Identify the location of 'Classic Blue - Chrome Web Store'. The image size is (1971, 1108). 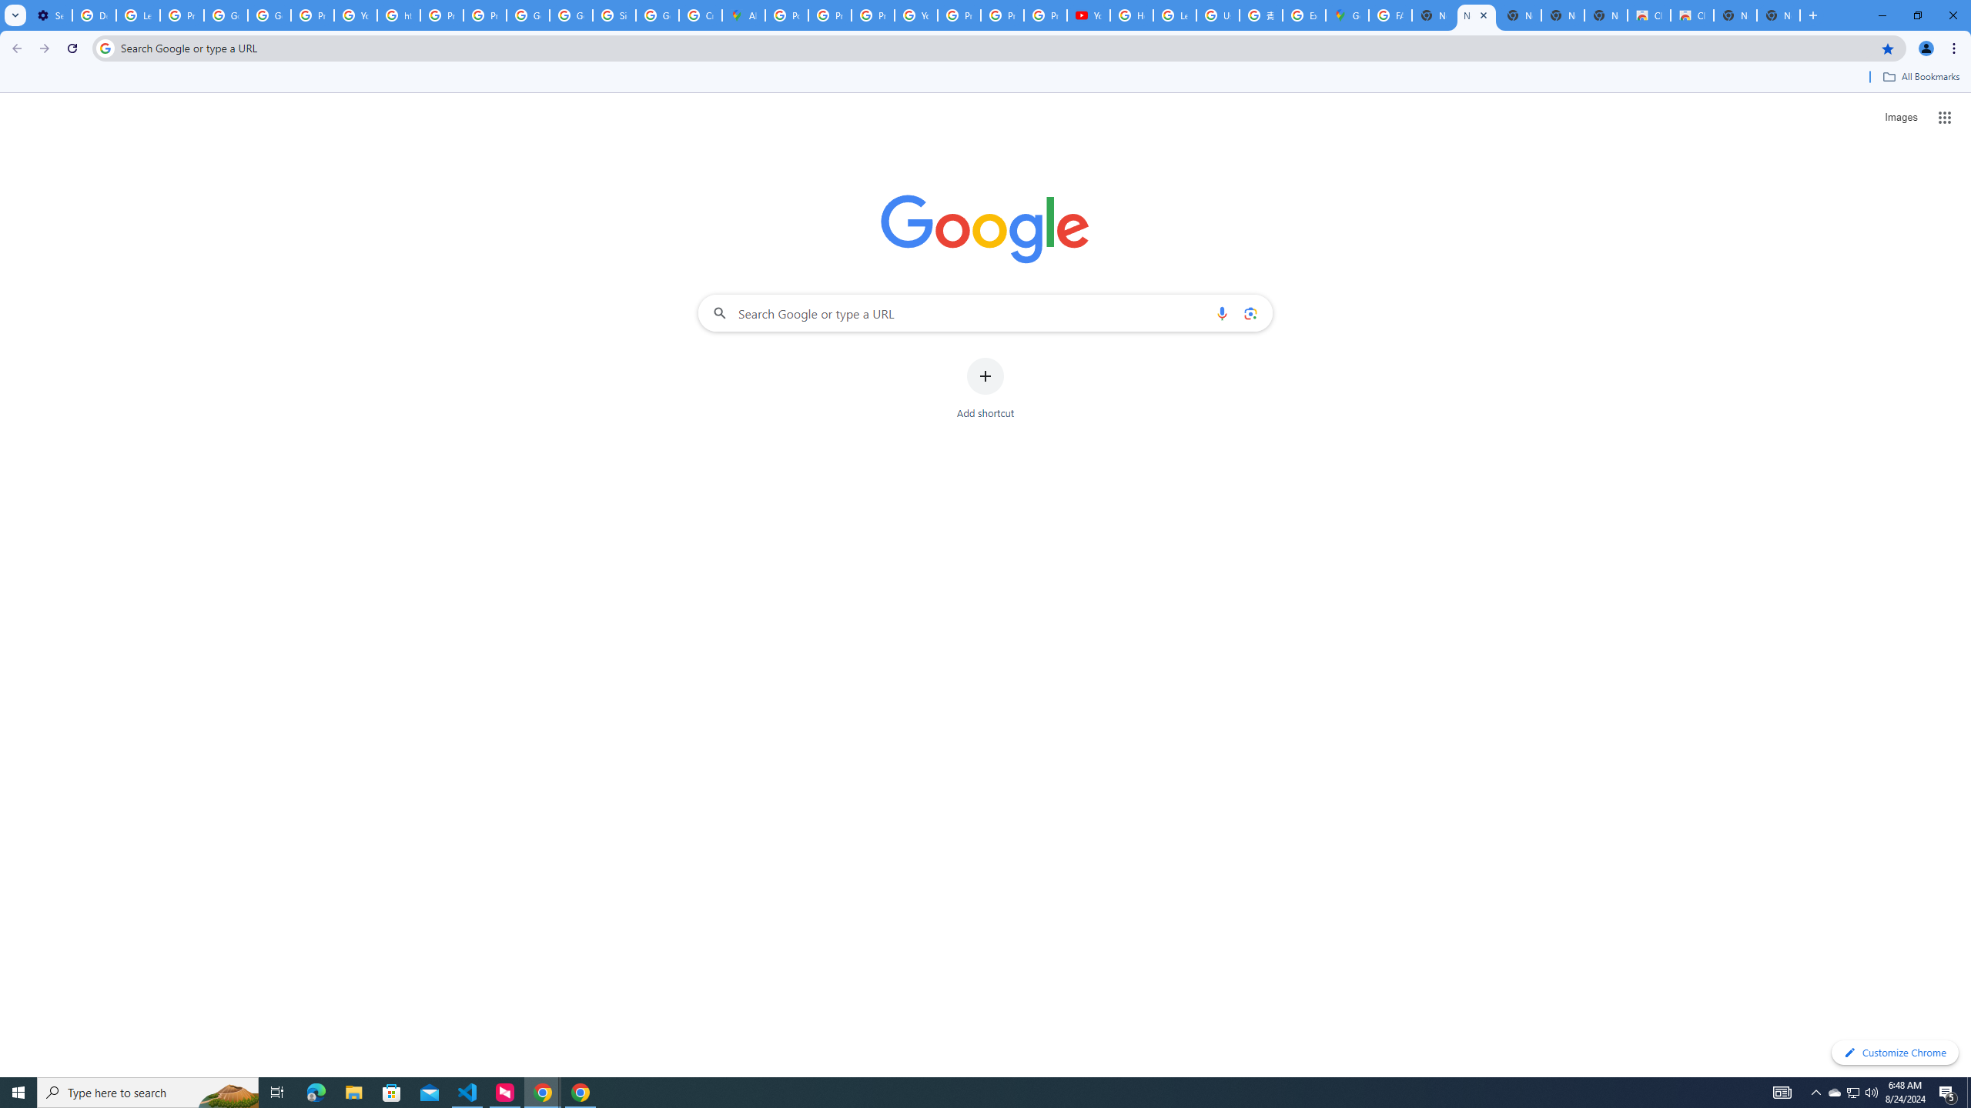
(1692, 15).